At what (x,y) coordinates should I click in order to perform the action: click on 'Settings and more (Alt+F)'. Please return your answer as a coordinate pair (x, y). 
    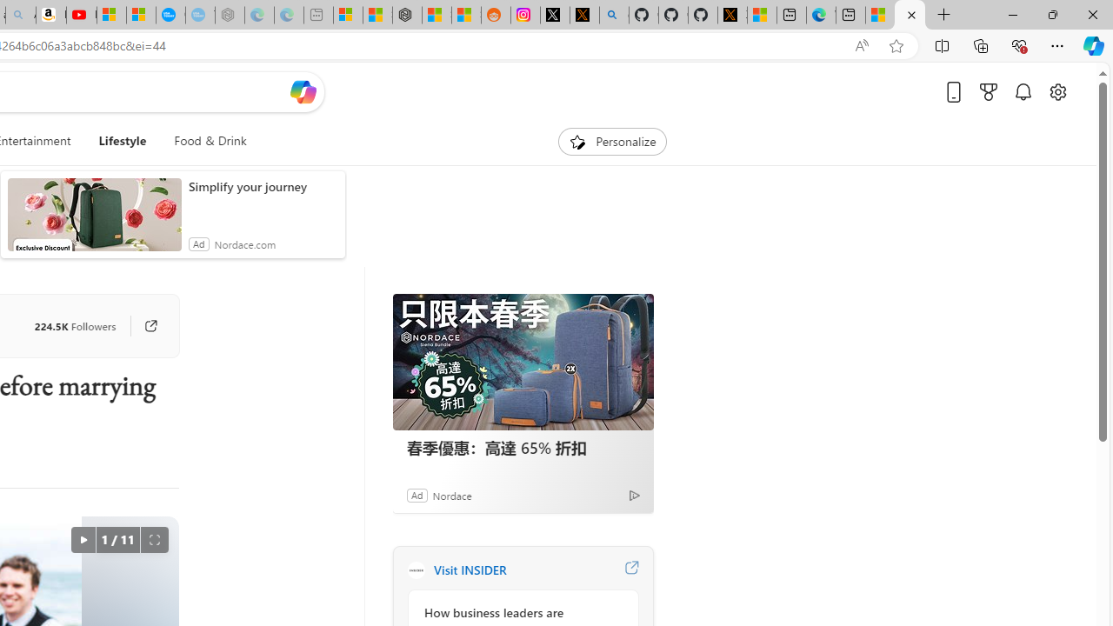
    Looking at the image, I should click on (1056, 44).